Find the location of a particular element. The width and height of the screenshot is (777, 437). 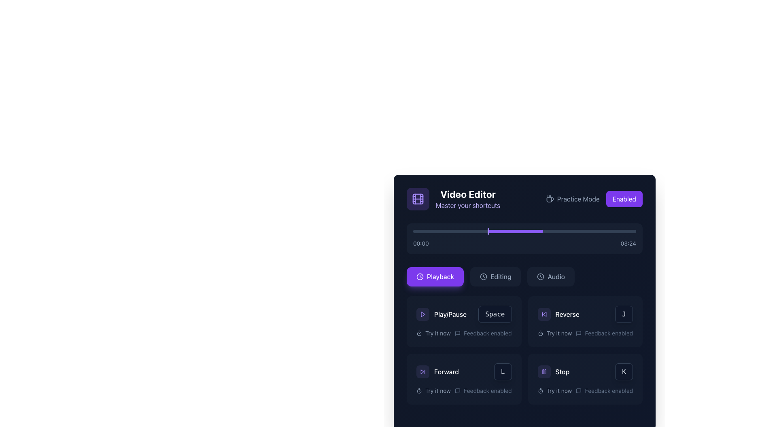

the playback time is located at coordinates (633, 231).